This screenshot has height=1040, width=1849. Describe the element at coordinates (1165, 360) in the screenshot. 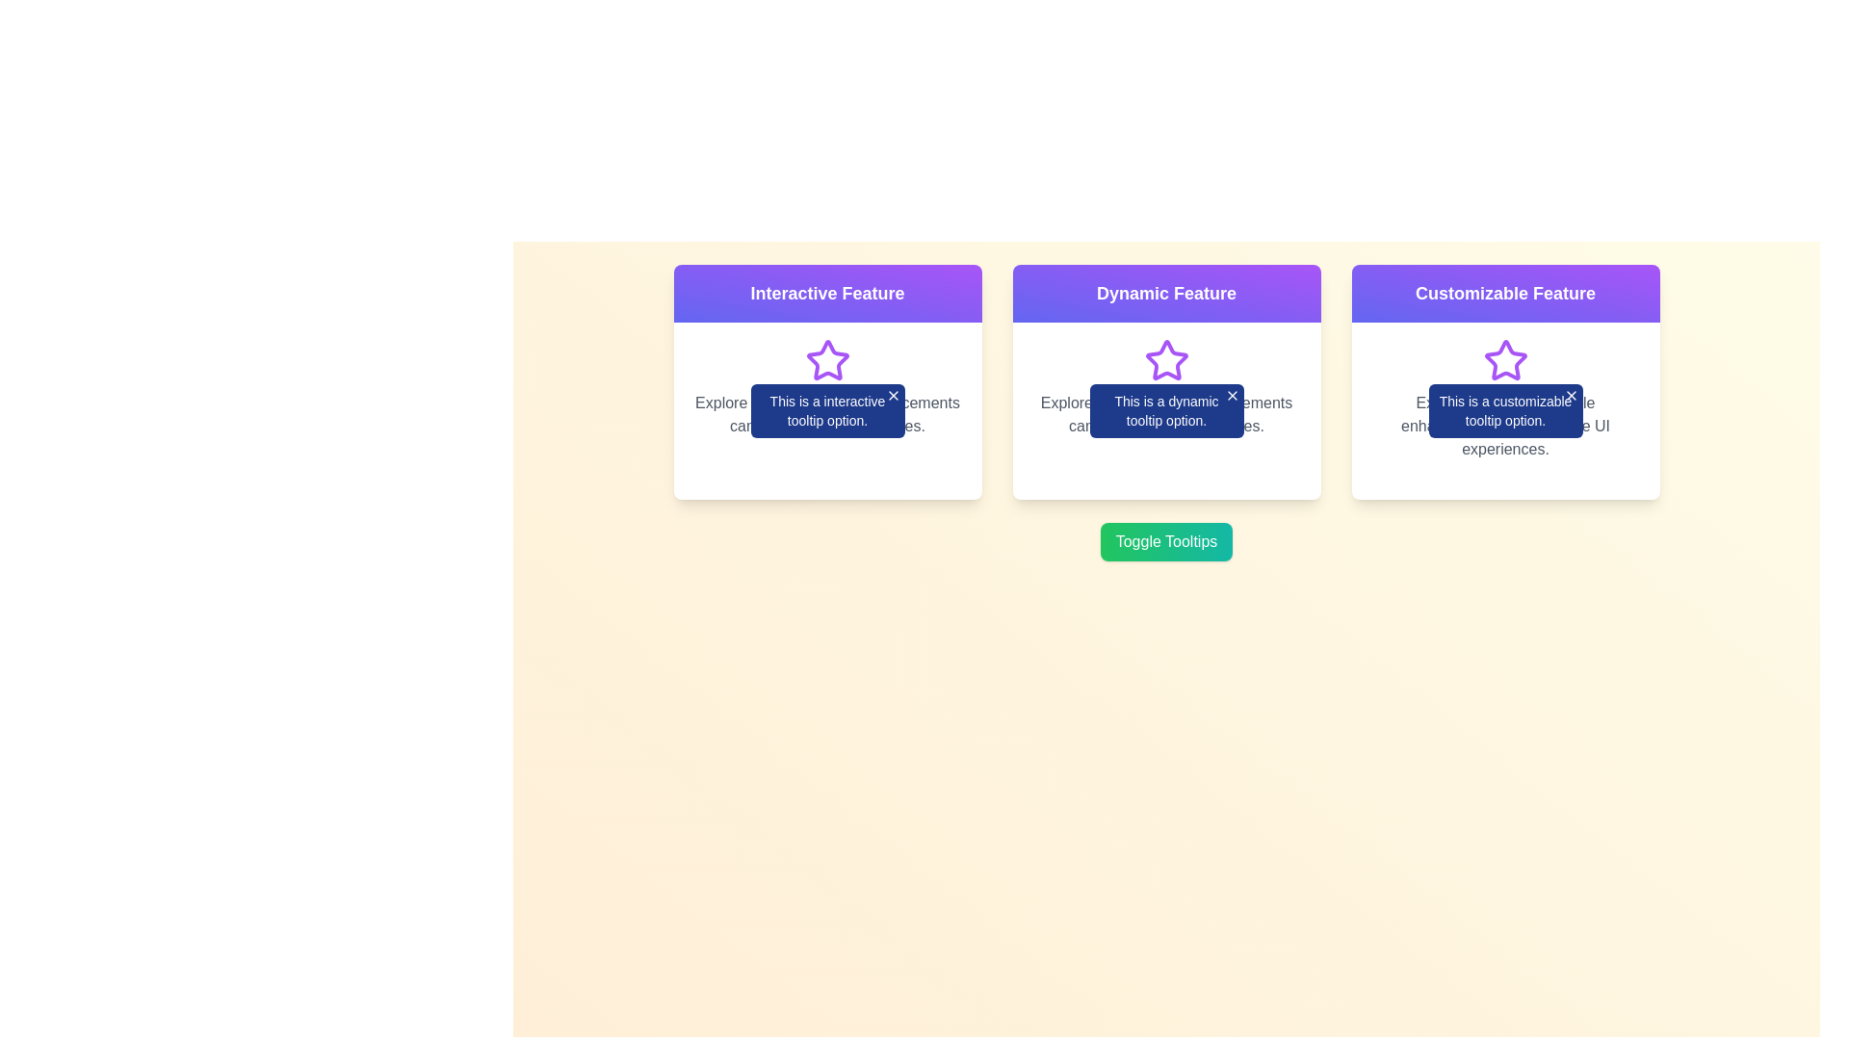

I see `the star icon located centrally within the 'Dynamic Feature' card, positioned above the descriptive text and below the heading text` at that location.